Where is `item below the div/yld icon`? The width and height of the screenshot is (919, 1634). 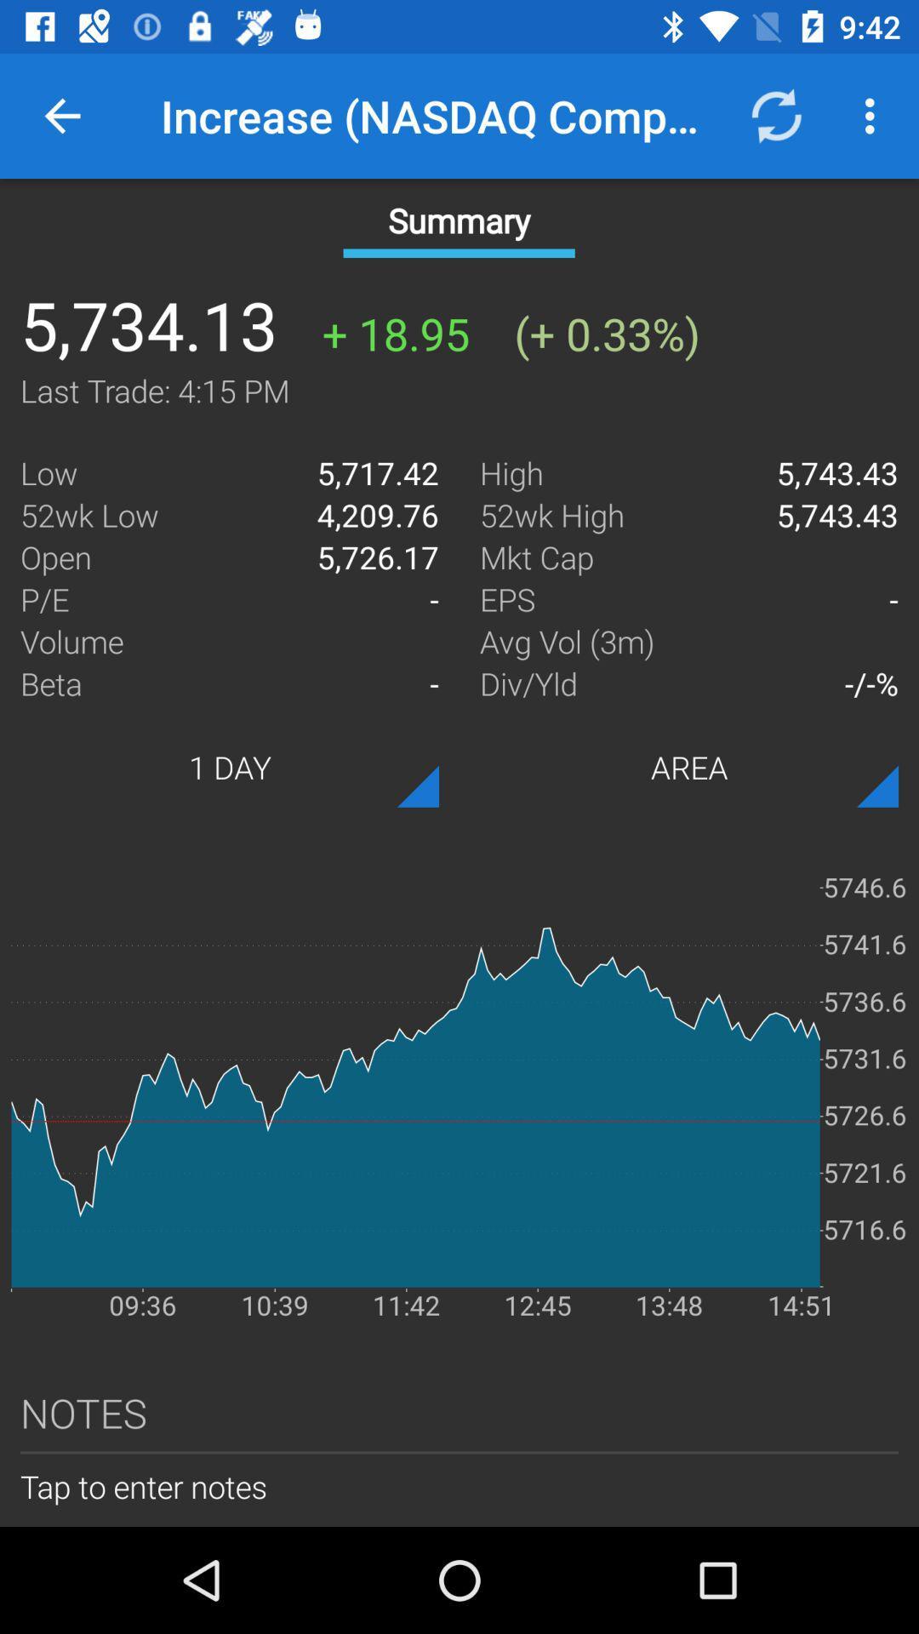
item below the div/yld icon is located at coordinates (689, 766).